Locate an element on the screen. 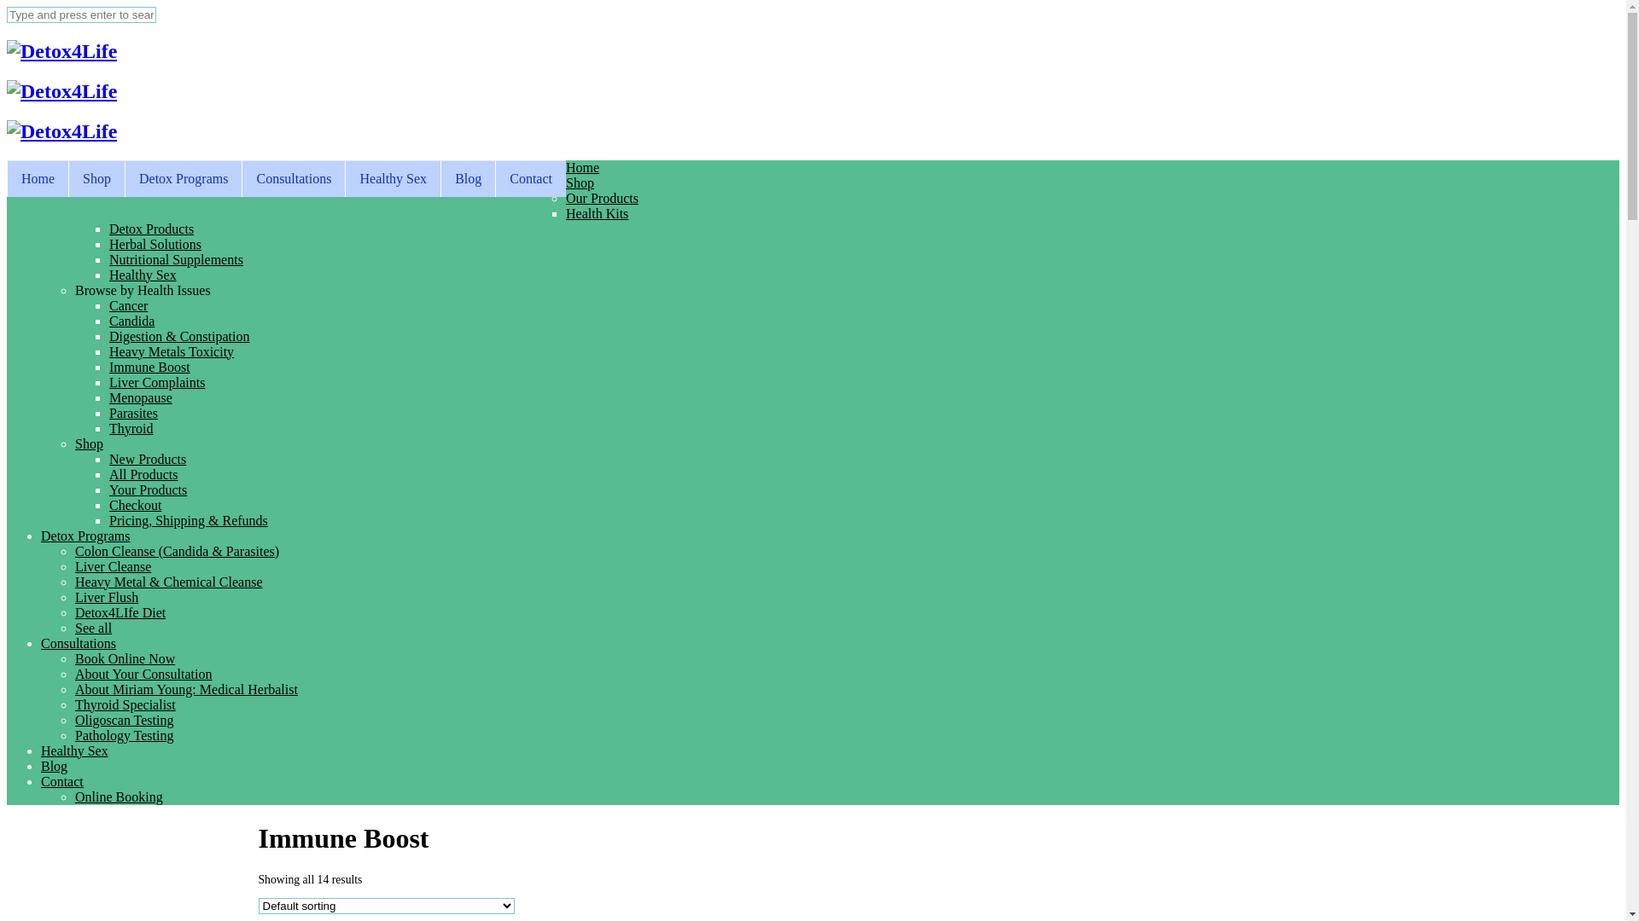 This screenshot has height=921, width=1639. 'Liver Cleanse' is located at coordinates (73, 566).